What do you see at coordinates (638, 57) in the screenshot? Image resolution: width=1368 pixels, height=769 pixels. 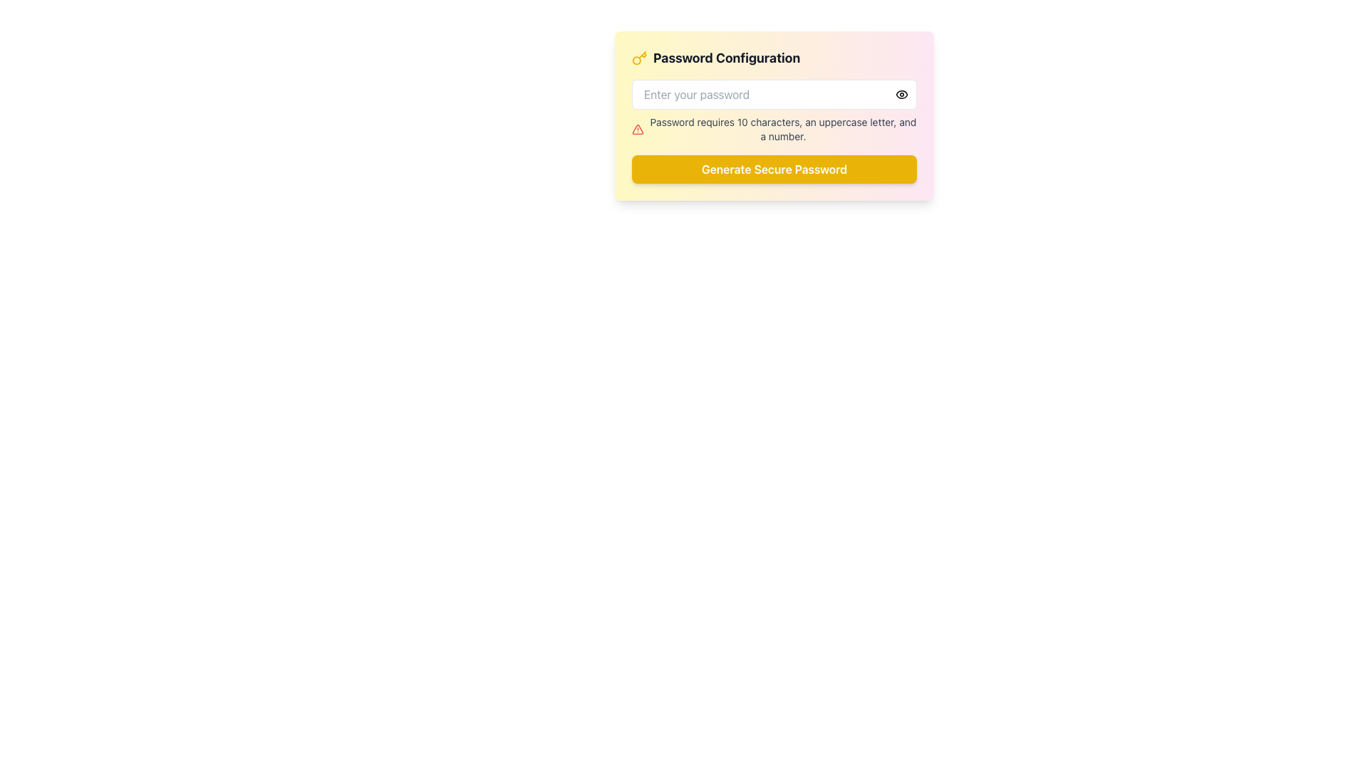 I see `the yellow key icon with a rounded stroke located next to the 'Password Configuration' text in the header of the panel` at bounding box center [638, 57].